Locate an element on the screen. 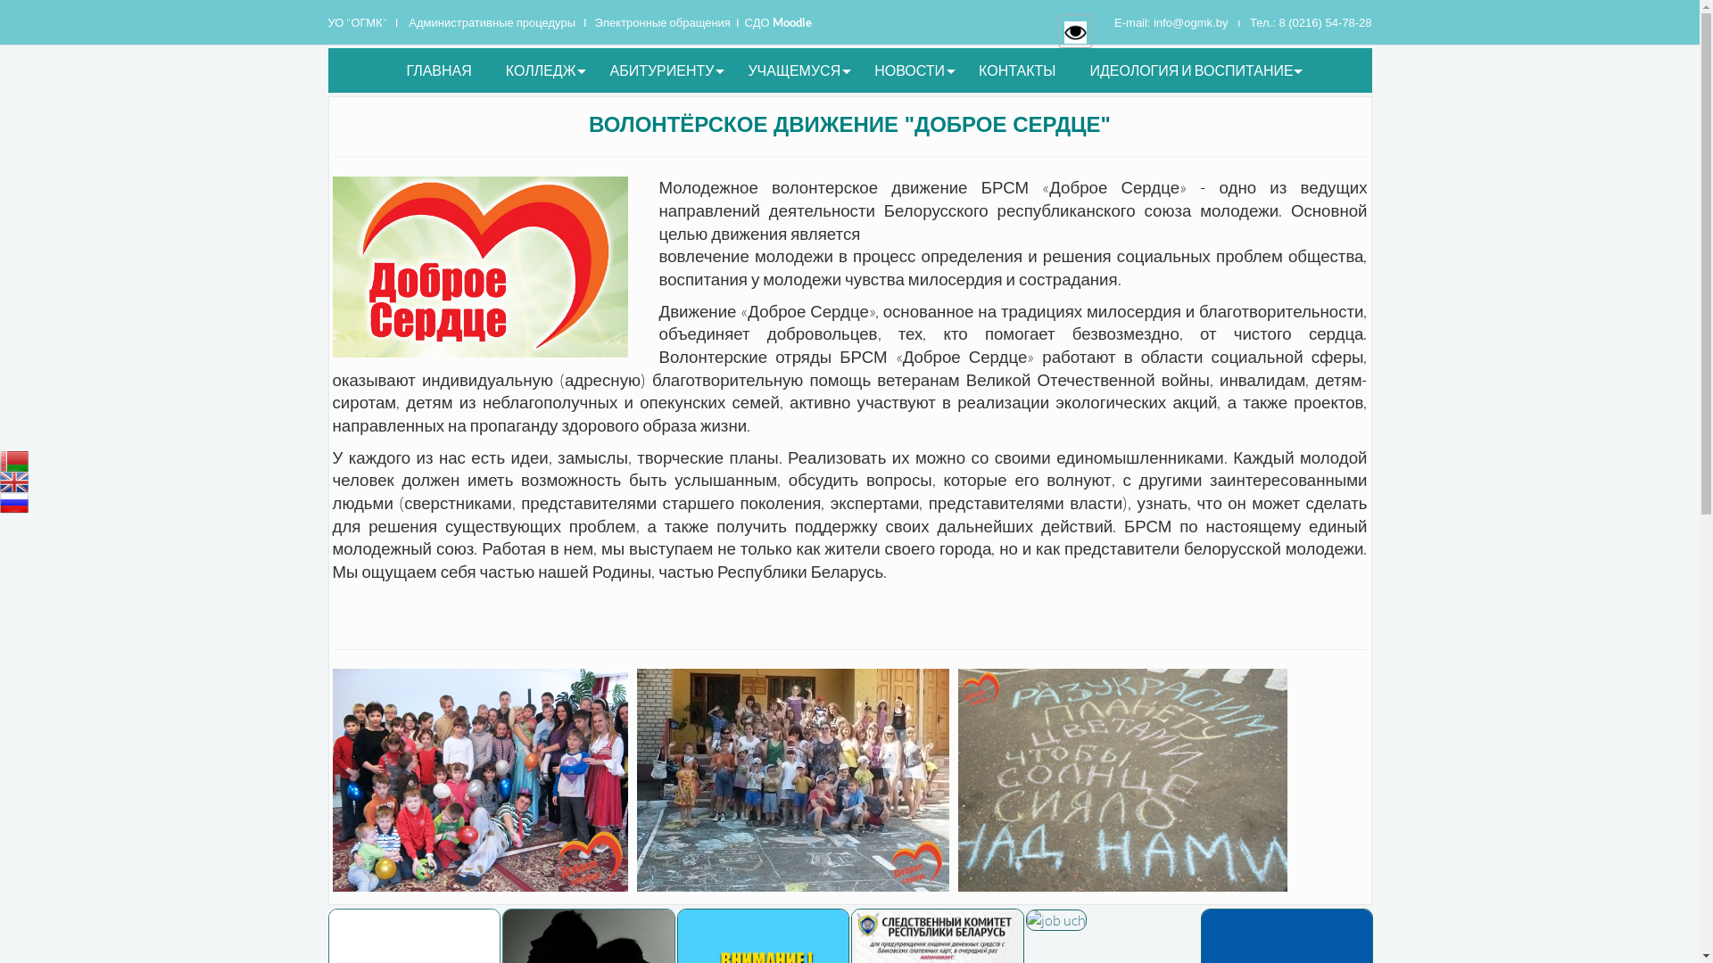  'Belarusian' is located at coordinates (13, 460).